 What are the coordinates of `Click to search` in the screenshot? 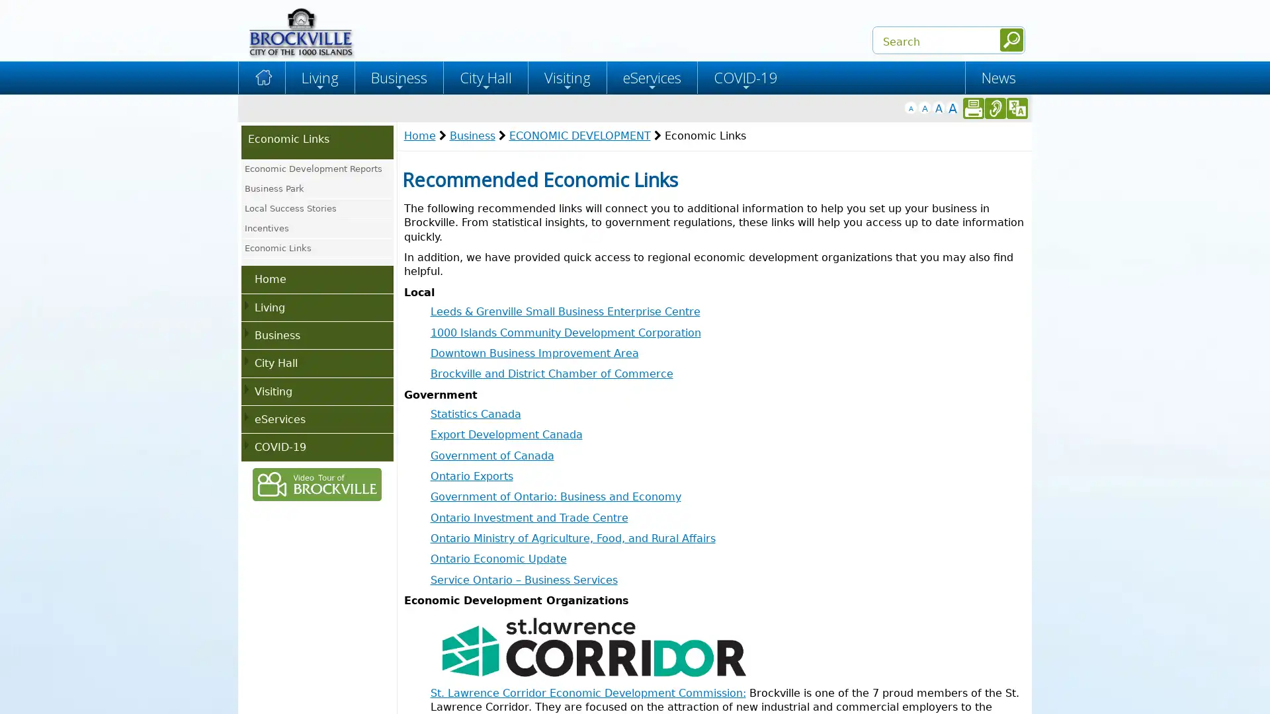 It's located at (1011, 39).